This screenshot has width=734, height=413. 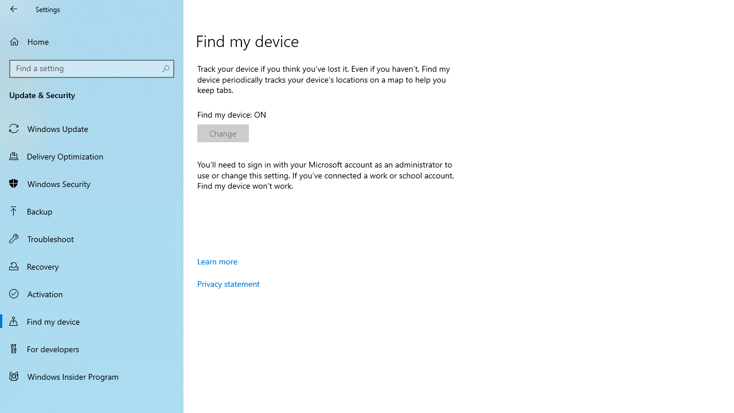 I want to click on 'For developers', so click(x=92, y=348).